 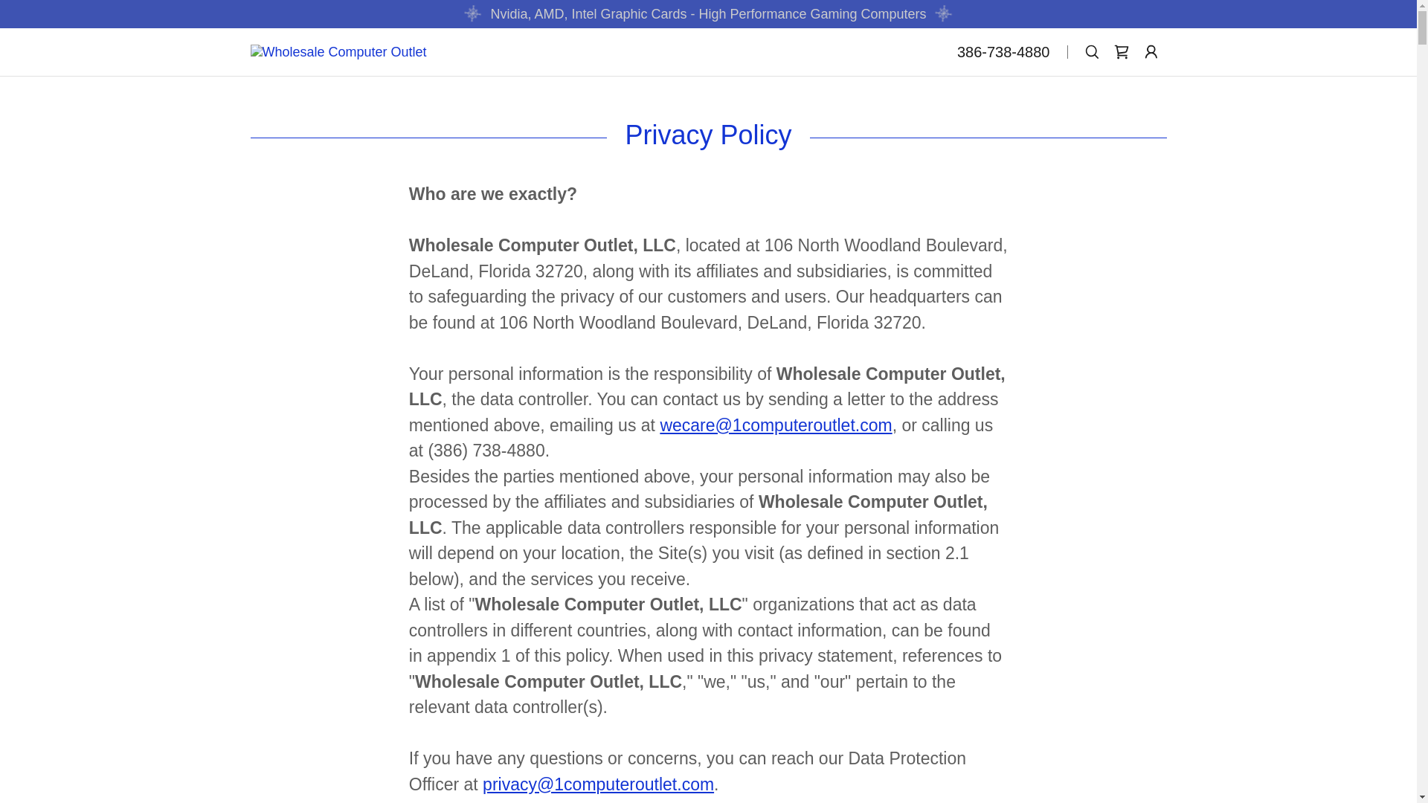 I want to click on '386-738-4880', so click(x=1003, y=51).